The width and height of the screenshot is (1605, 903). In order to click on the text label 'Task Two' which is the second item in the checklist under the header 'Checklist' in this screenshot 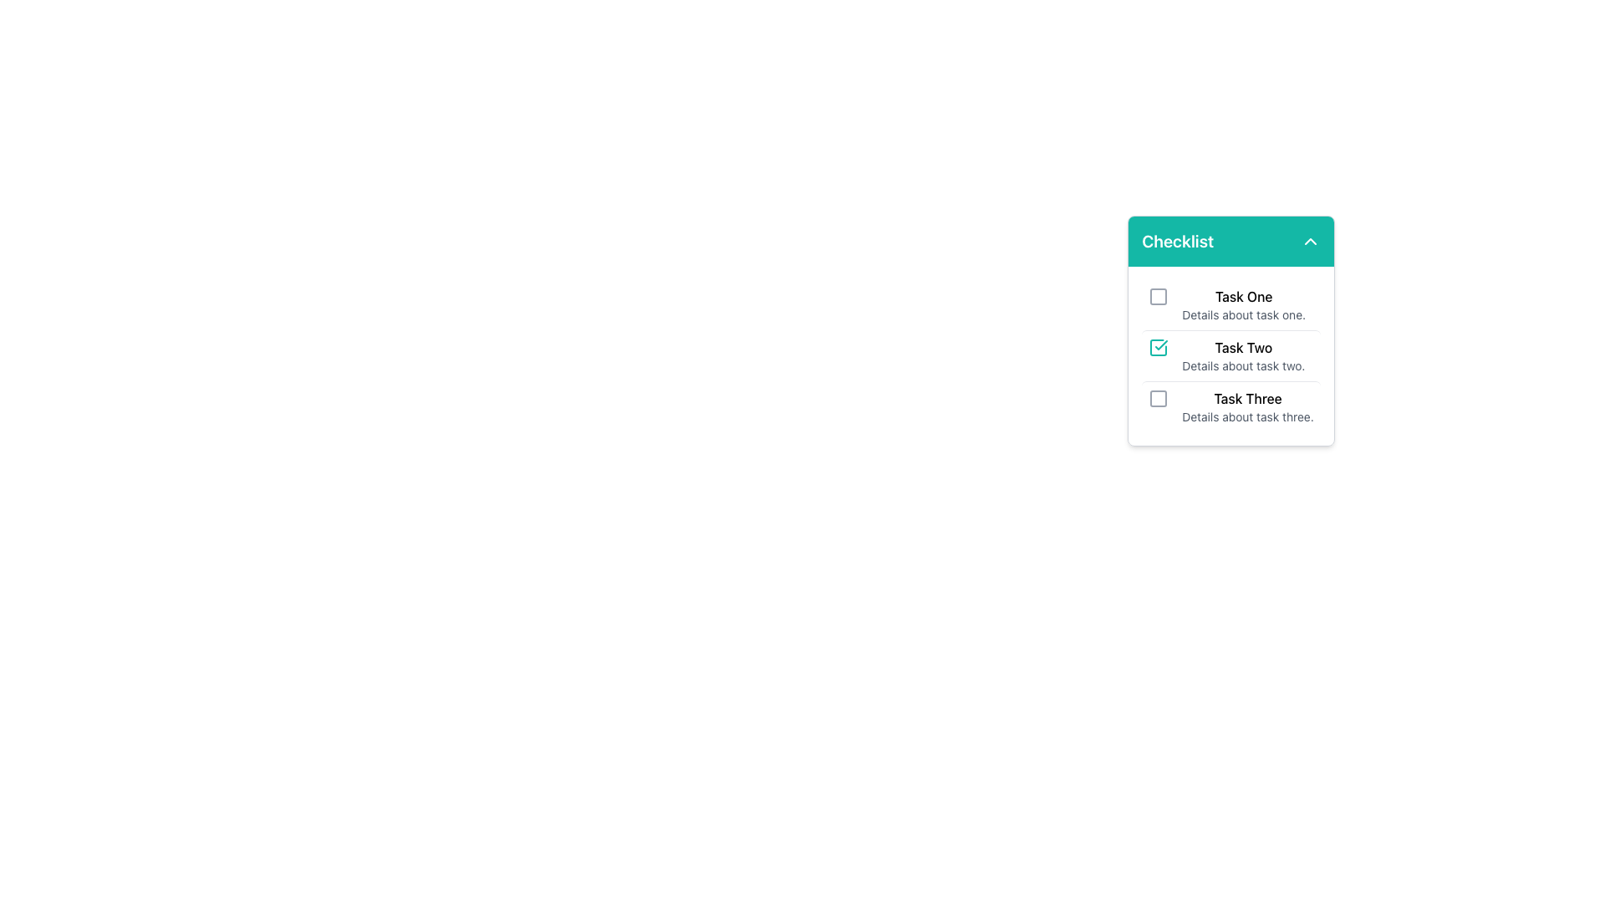, I will do `click(1243, 347)`.